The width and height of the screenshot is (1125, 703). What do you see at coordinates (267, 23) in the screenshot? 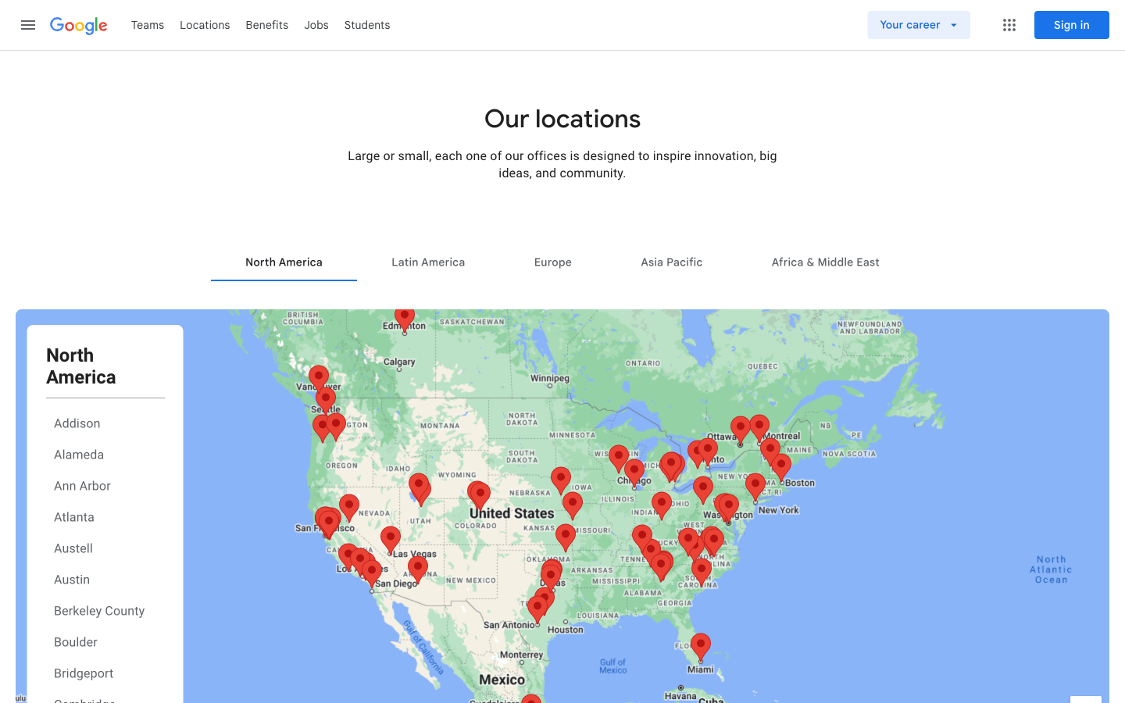
I see `Benefits page` at bounding box center [267, 23].